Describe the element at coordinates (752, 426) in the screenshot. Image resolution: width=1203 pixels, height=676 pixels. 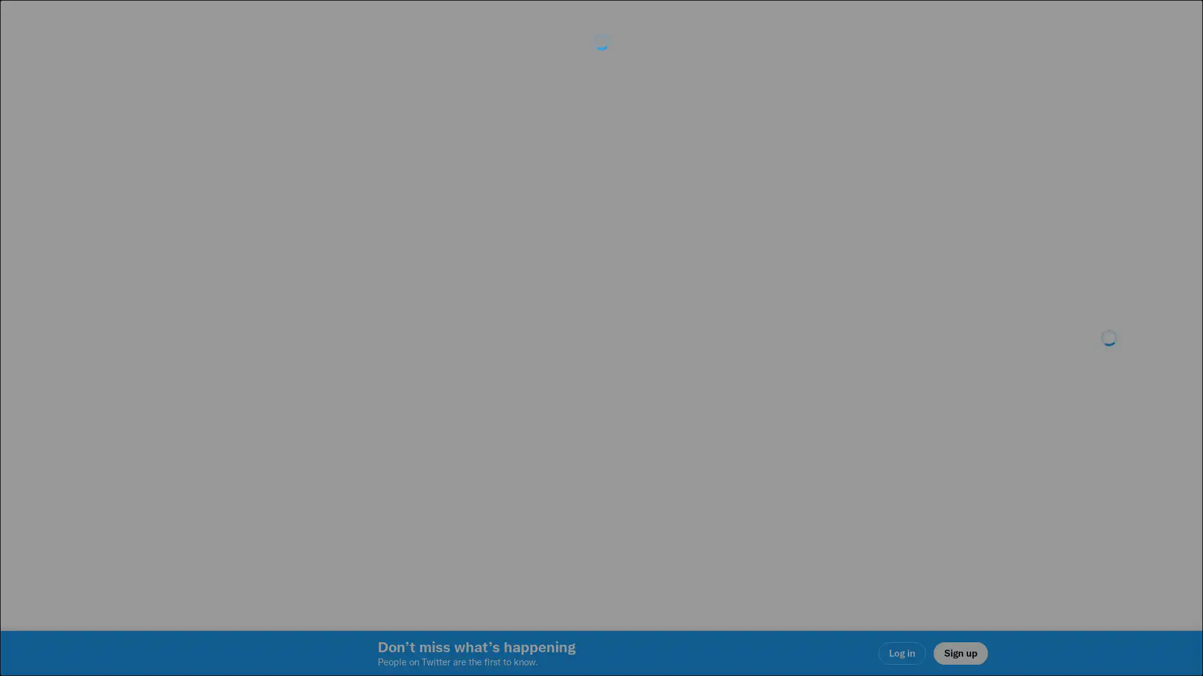
I see `Log in` at that location.